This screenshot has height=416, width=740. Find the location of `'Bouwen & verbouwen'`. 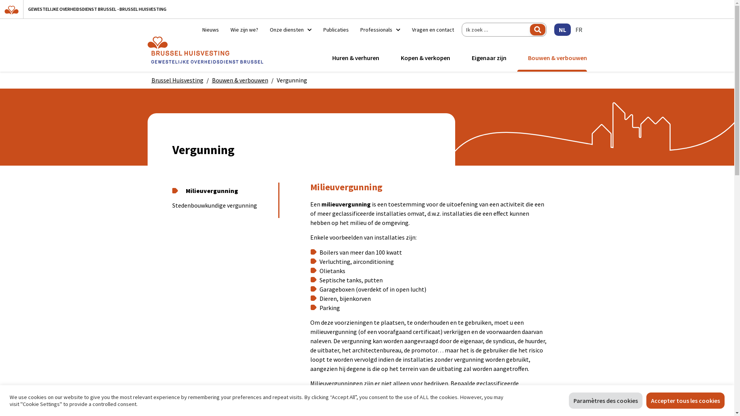

'Bouwen & verbouwen' is located at coordinates (240, 80).